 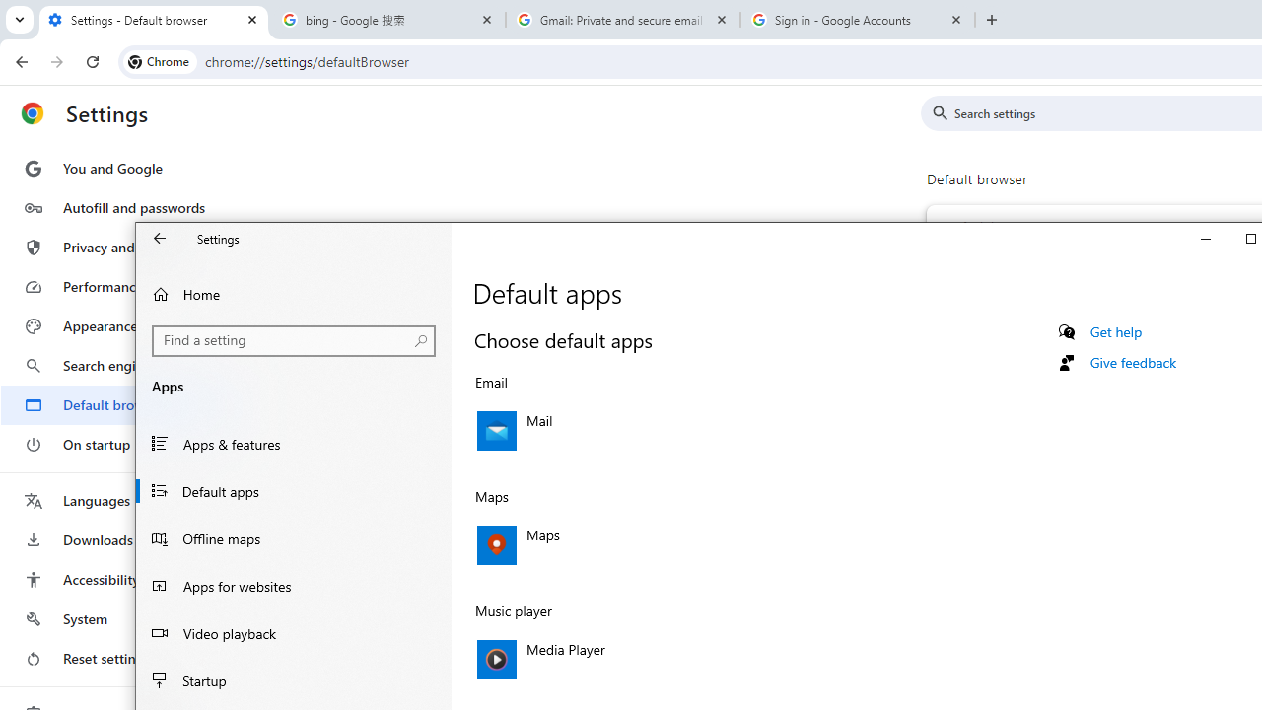 What do you see at coordinates (1133, 362) in the screenshot?
I see `'Give feedback'` at bounding box center [1133, 362].